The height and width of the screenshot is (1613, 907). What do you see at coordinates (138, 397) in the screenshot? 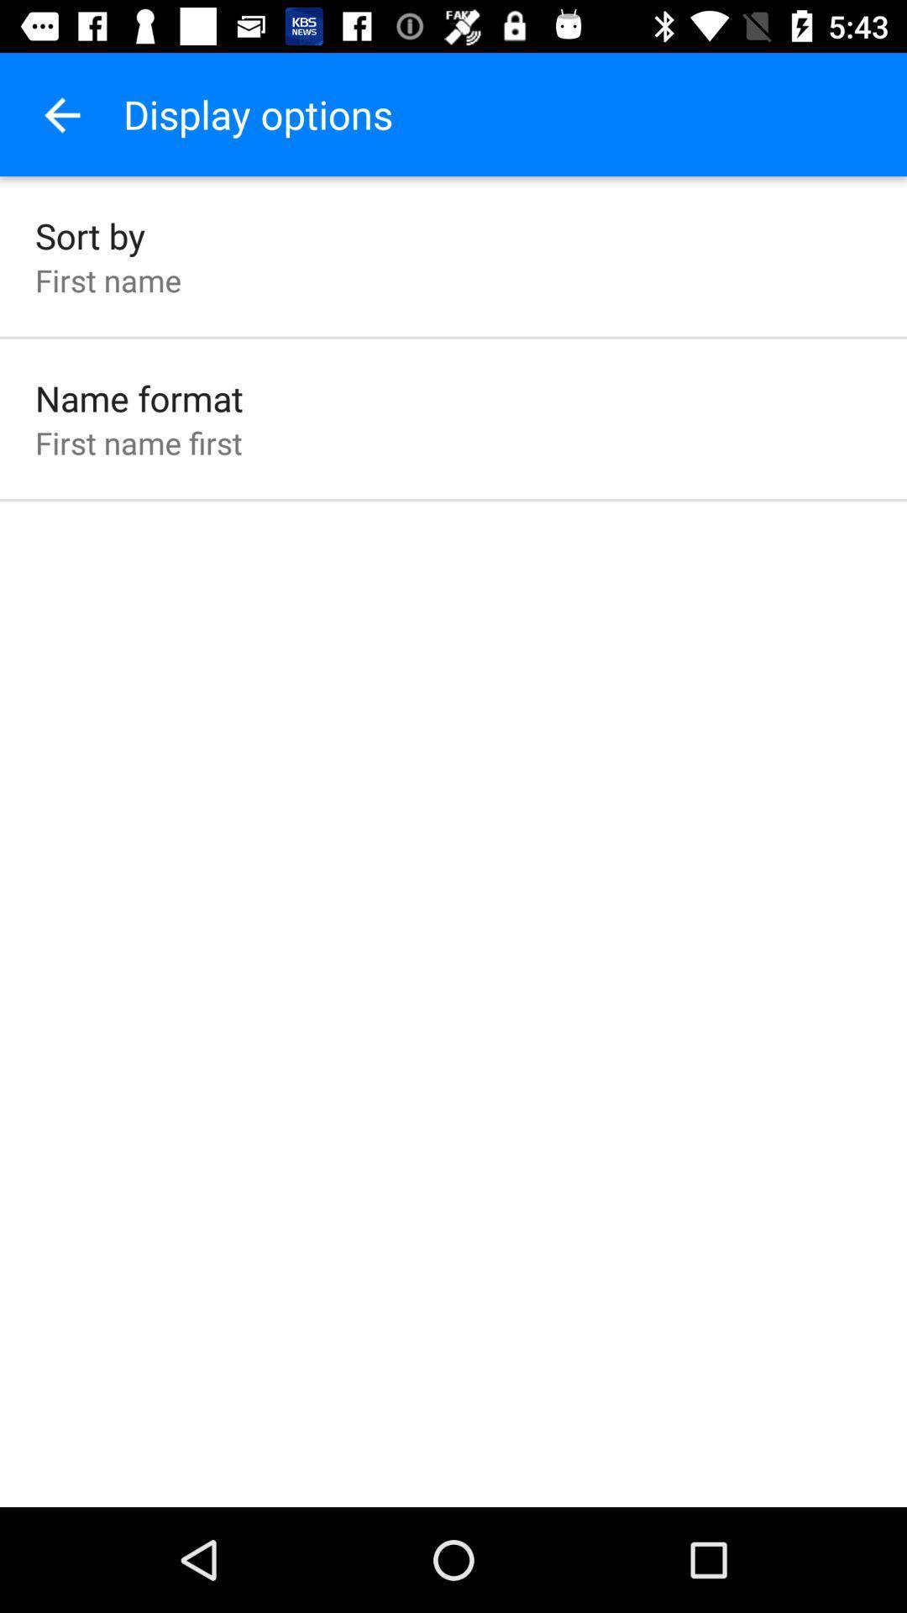
I see `icon below first name icon` at bounding box center [138, 397].